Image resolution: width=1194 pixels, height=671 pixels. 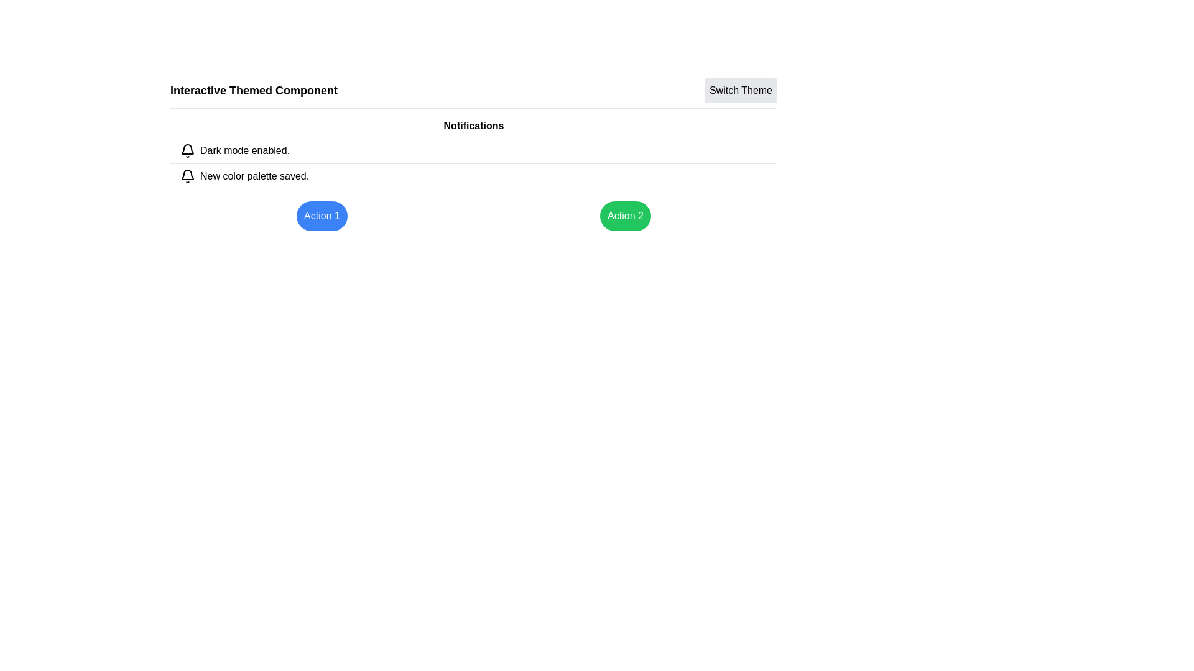 What do you see at coordinates (626, 215) in the screenshot?
I see `the rounded green button labeled 'Action 2'` at bounding box center [626, 215].